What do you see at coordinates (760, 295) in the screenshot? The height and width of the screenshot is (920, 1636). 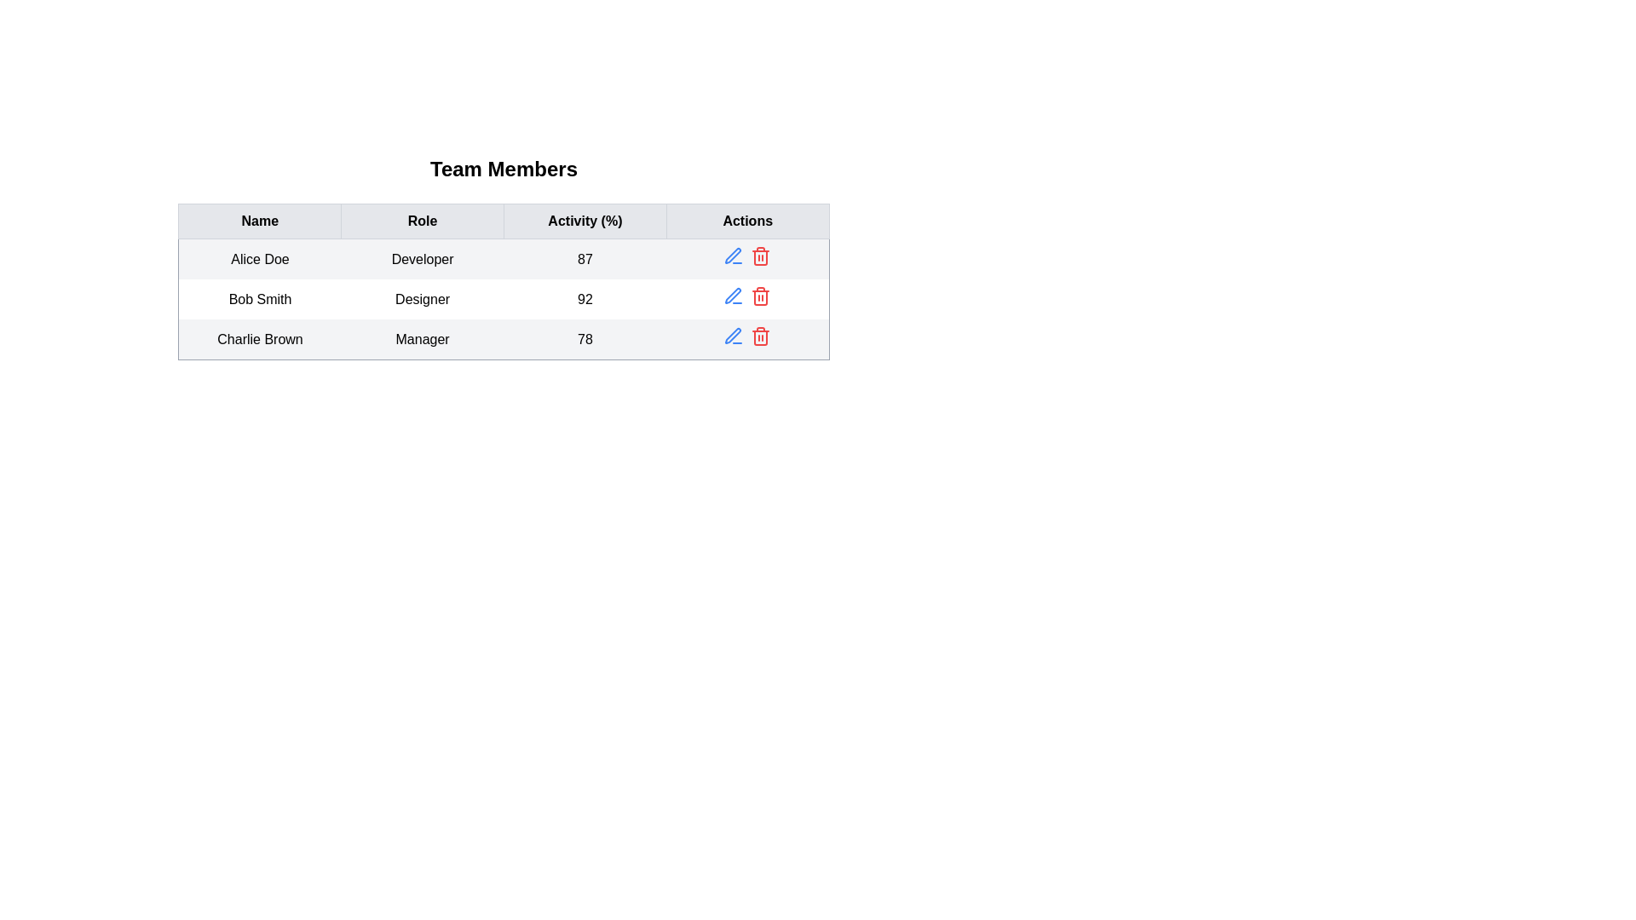 I see `the delete icon for the team member named Bob Smith` at bounding box center [760, 295].